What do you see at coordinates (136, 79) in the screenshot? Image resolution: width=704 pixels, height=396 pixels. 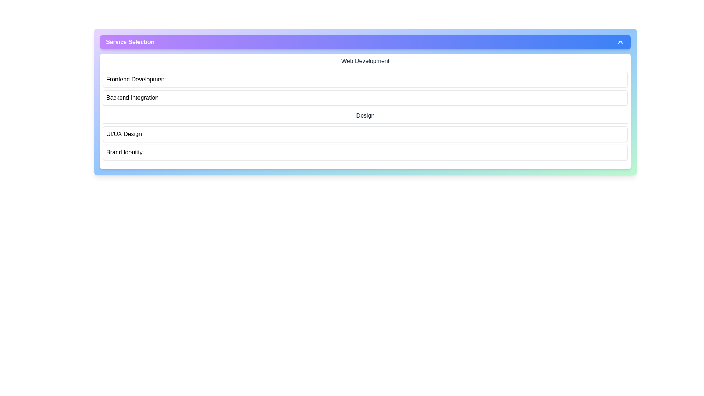 I see `the text label component displaying 'Frontend Development', which serves as a descriptive label for a selectable option in the list under the 'Service Selection' header` at bounding box center [136, 79].